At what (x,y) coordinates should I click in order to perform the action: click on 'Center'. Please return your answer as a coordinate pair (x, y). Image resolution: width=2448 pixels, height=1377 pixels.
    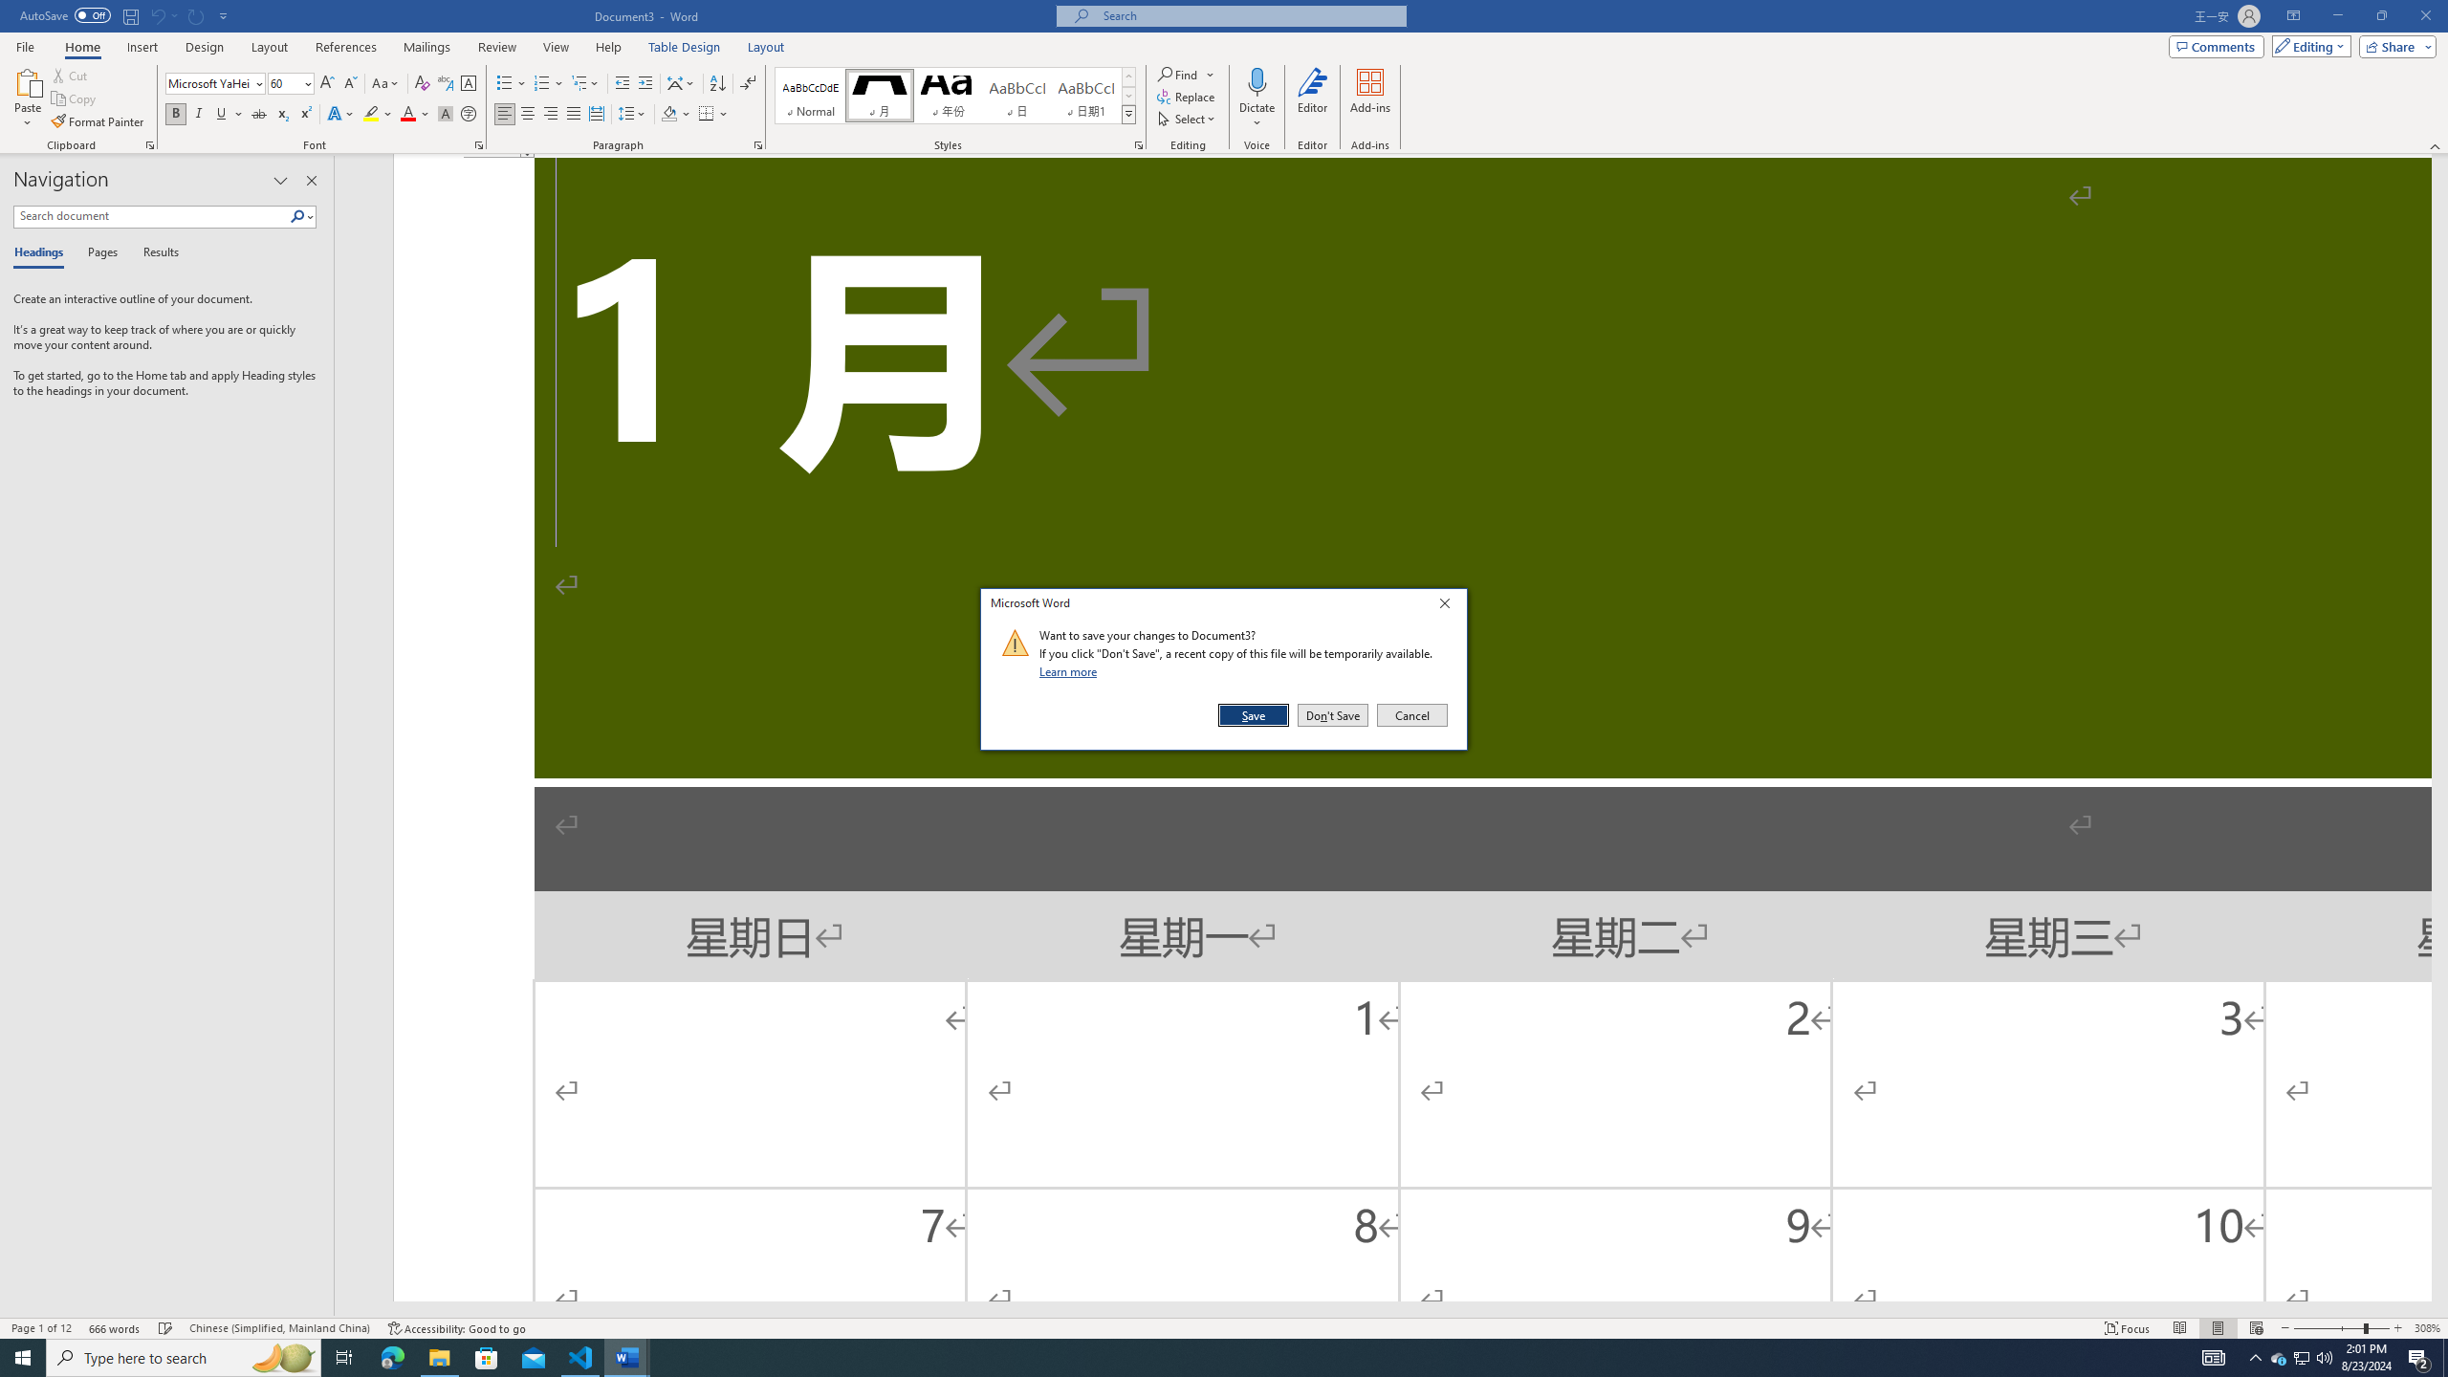
    Looking at the image, I should click on (526, 113).